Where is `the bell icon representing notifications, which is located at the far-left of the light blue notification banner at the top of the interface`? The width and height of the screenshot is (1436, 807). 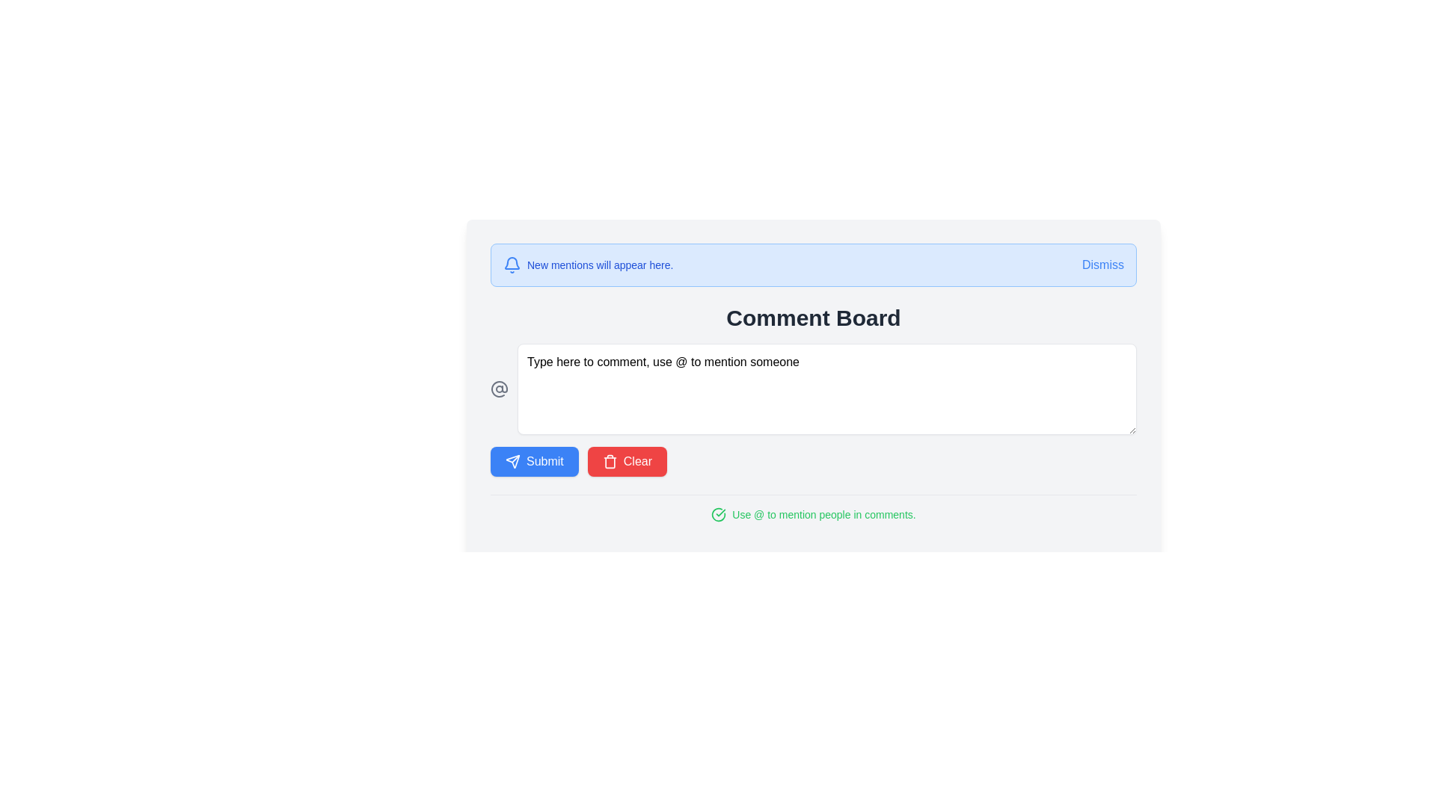
the bell icon representing notifications, which is located at the far-left of the light blue notification banner at the top of the interface is located at coordinates (512, 264).